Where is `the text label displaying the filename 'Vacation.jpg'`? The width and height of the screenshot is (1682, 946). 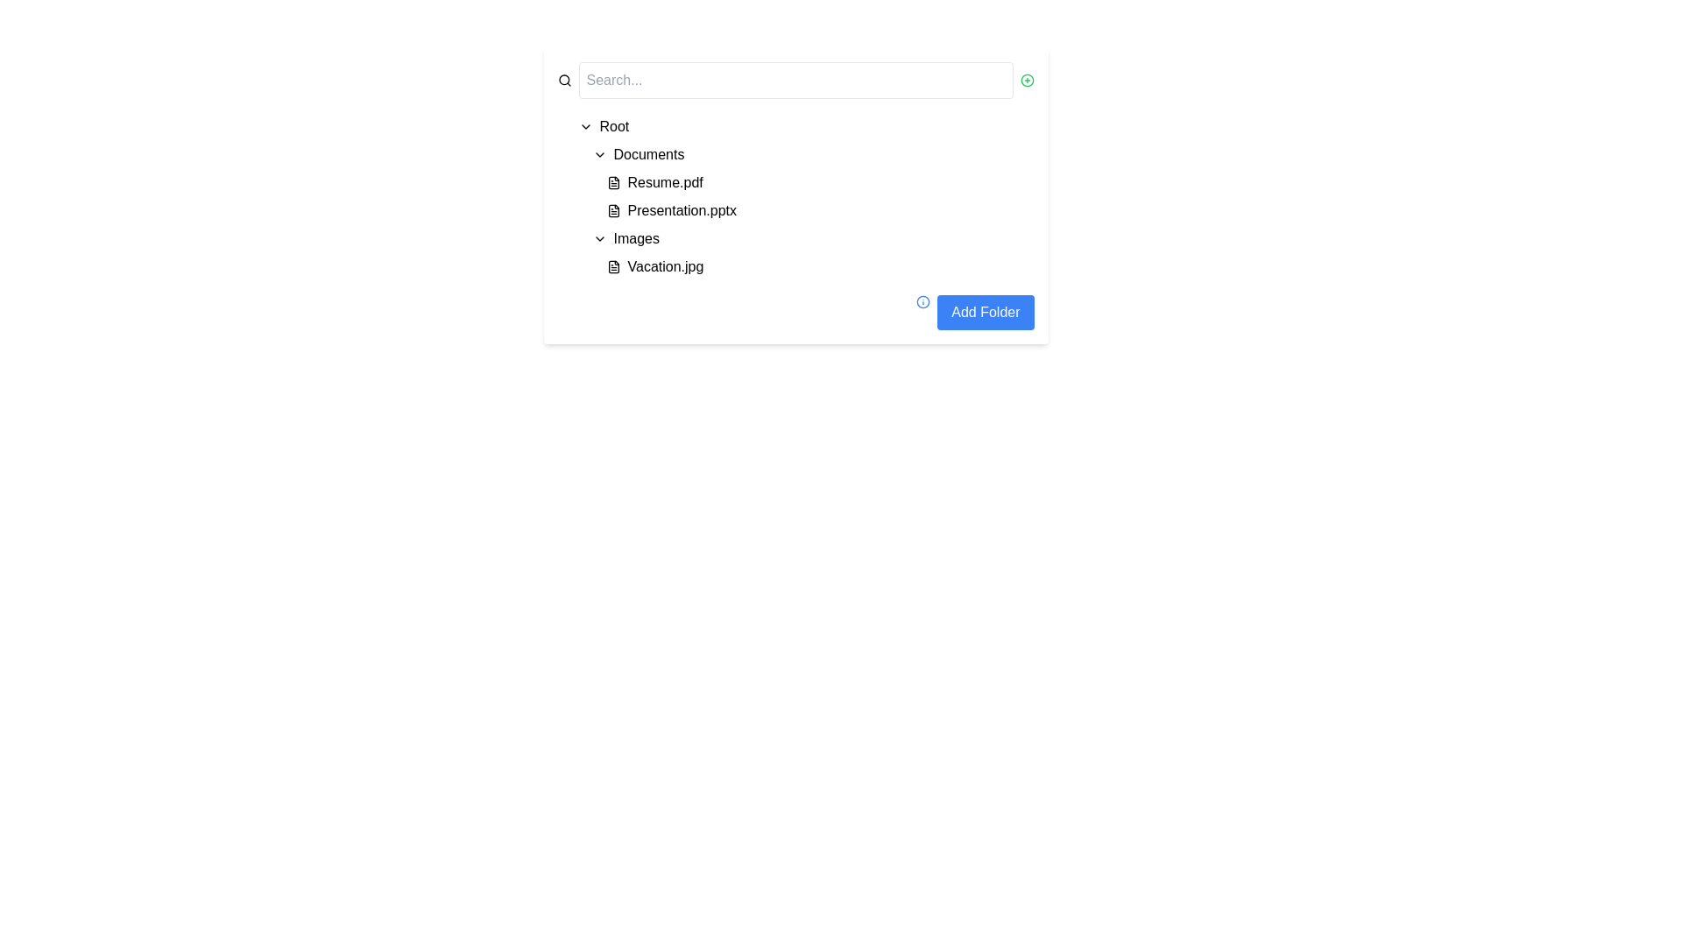 the text label displaying the filename 'Vacation.jpg' is located at coordinates (664, 266).